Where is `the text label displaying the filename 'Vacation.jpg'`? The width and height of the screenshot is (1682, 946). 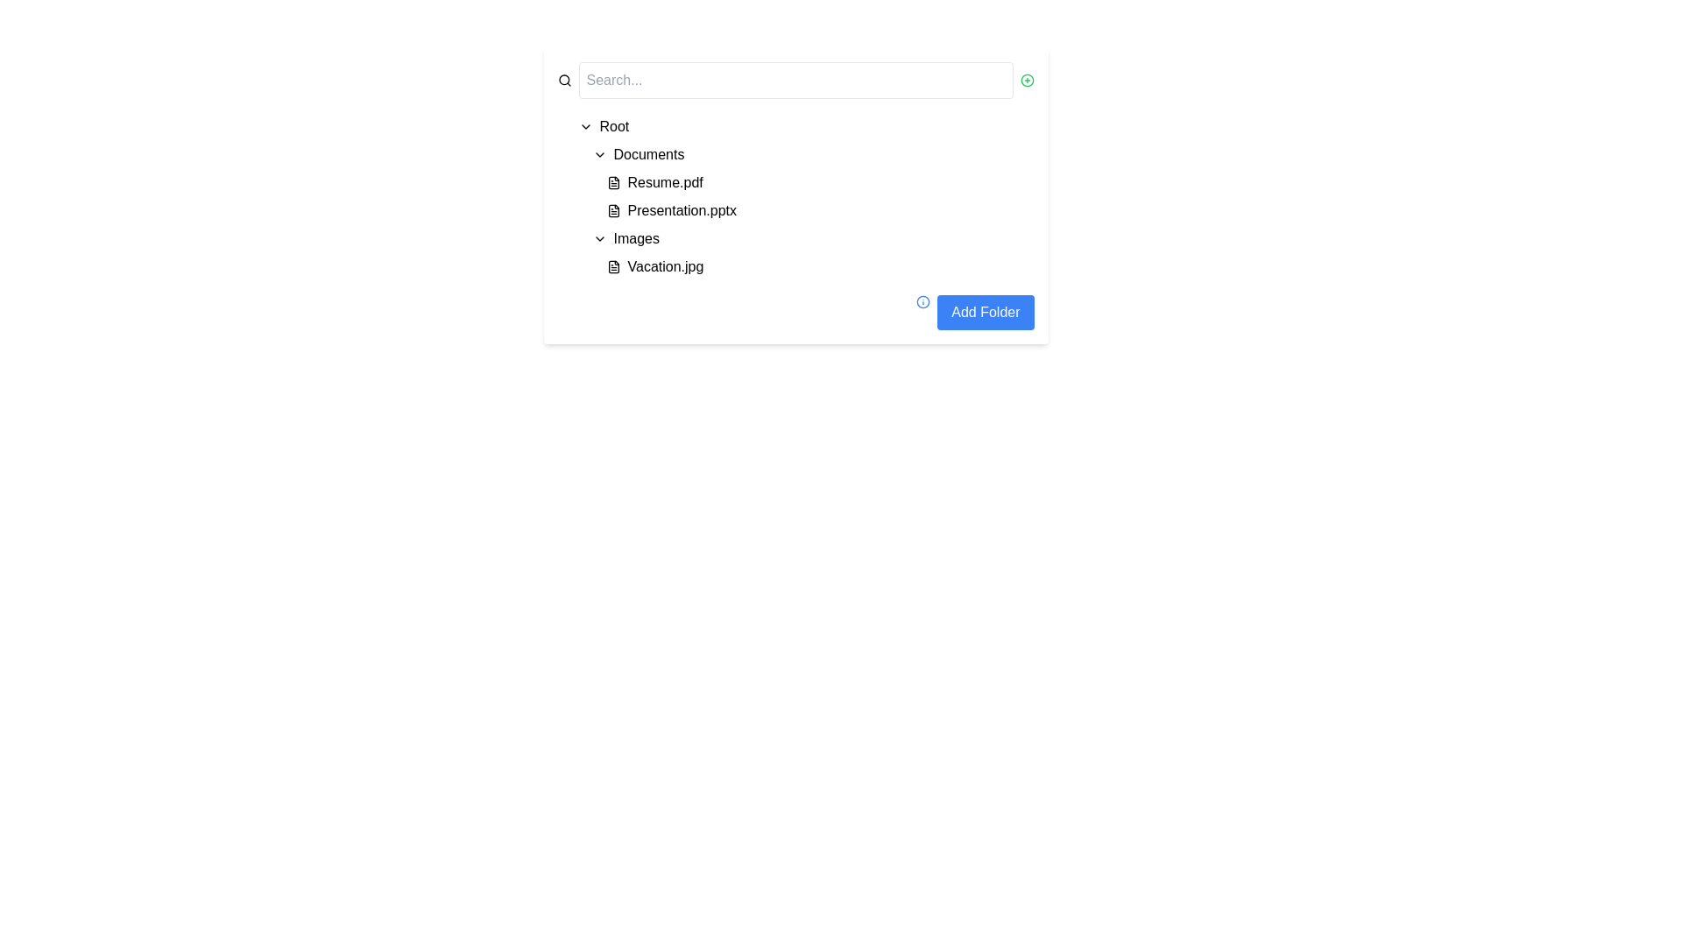 the text label displaying the filename 'Vacation.jpg' is located at coordinates (664, 266).